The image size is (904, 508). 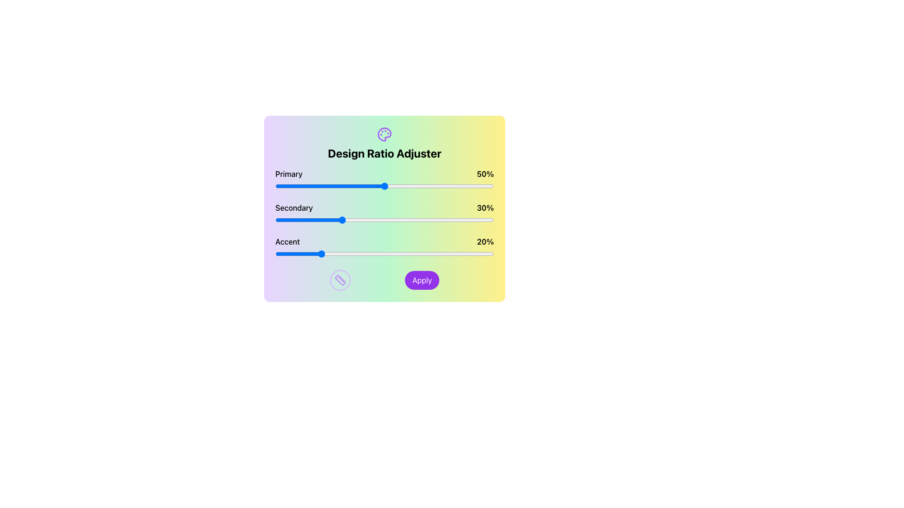 I want to click on the accent ratio slider, so click(x=470, y=254).